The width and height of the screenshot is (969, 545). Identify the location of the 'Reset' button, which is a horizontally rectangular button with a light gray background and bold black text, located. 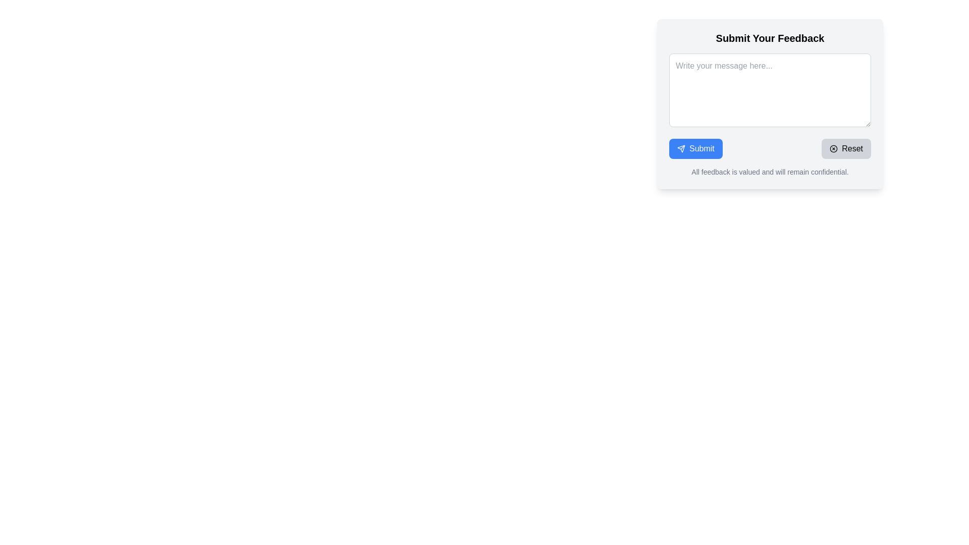
(846, 148).